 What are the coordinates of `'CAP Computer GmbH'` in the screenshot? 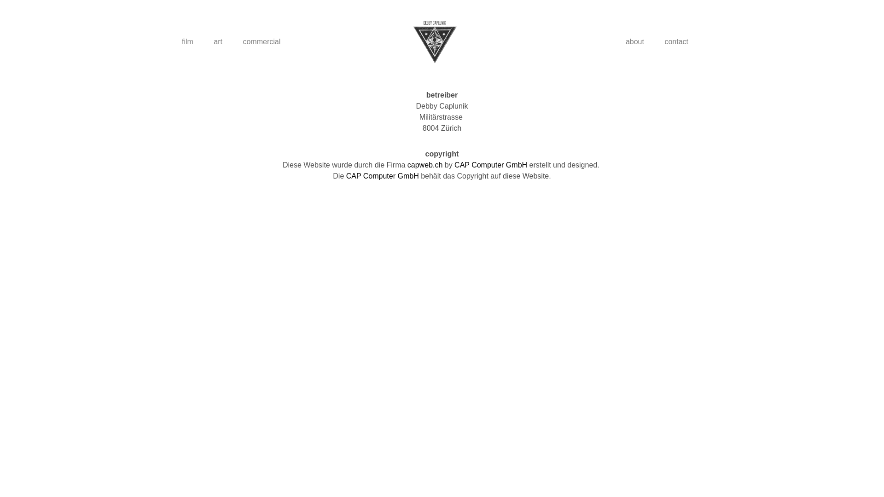 It's located at (382, 176).